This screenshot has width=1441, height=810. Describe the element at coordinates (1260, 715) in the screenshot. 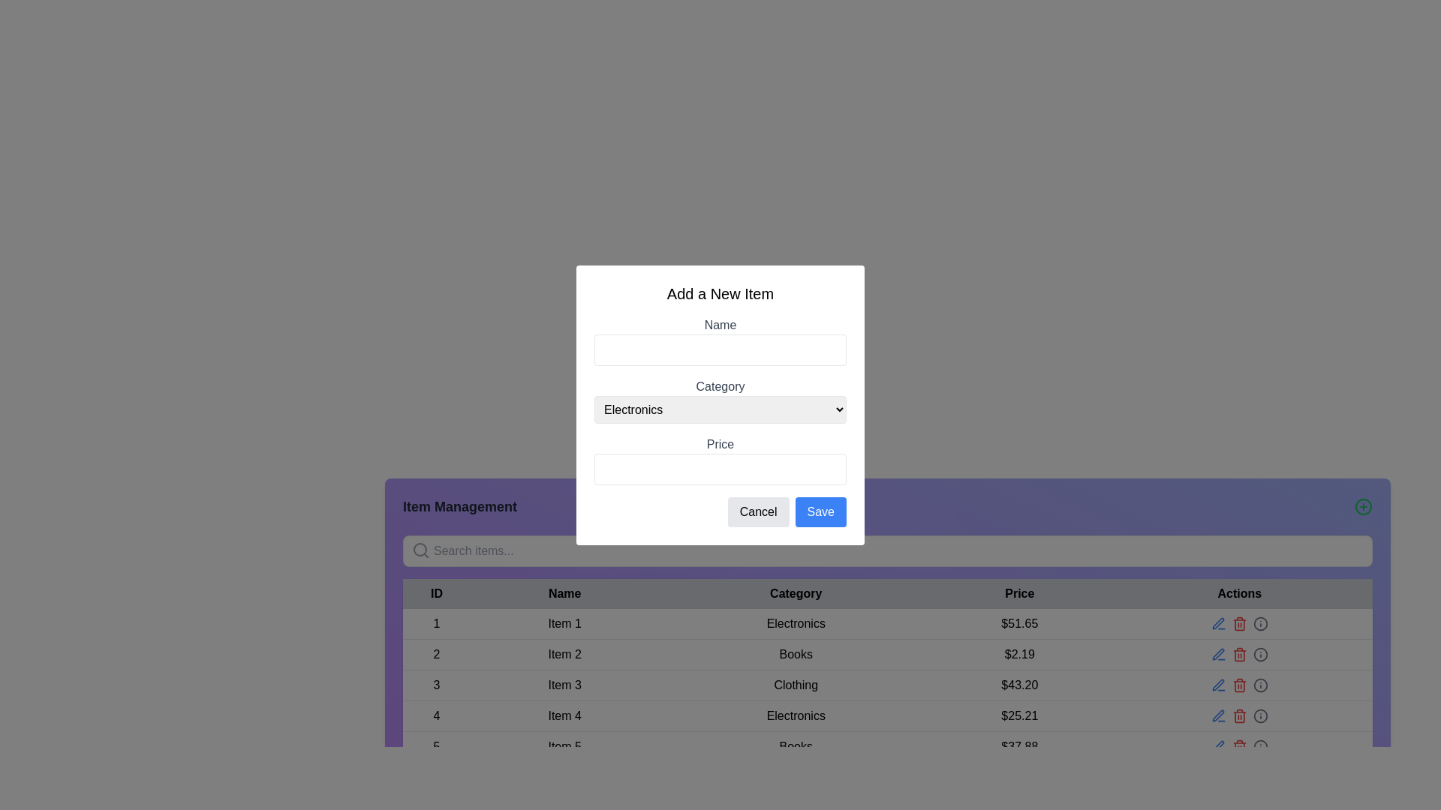

I see `the circular UI indicator located in the 'Actions' column of the table, aligned with the fourth row for the item in the 'Electronics' category` at that location.